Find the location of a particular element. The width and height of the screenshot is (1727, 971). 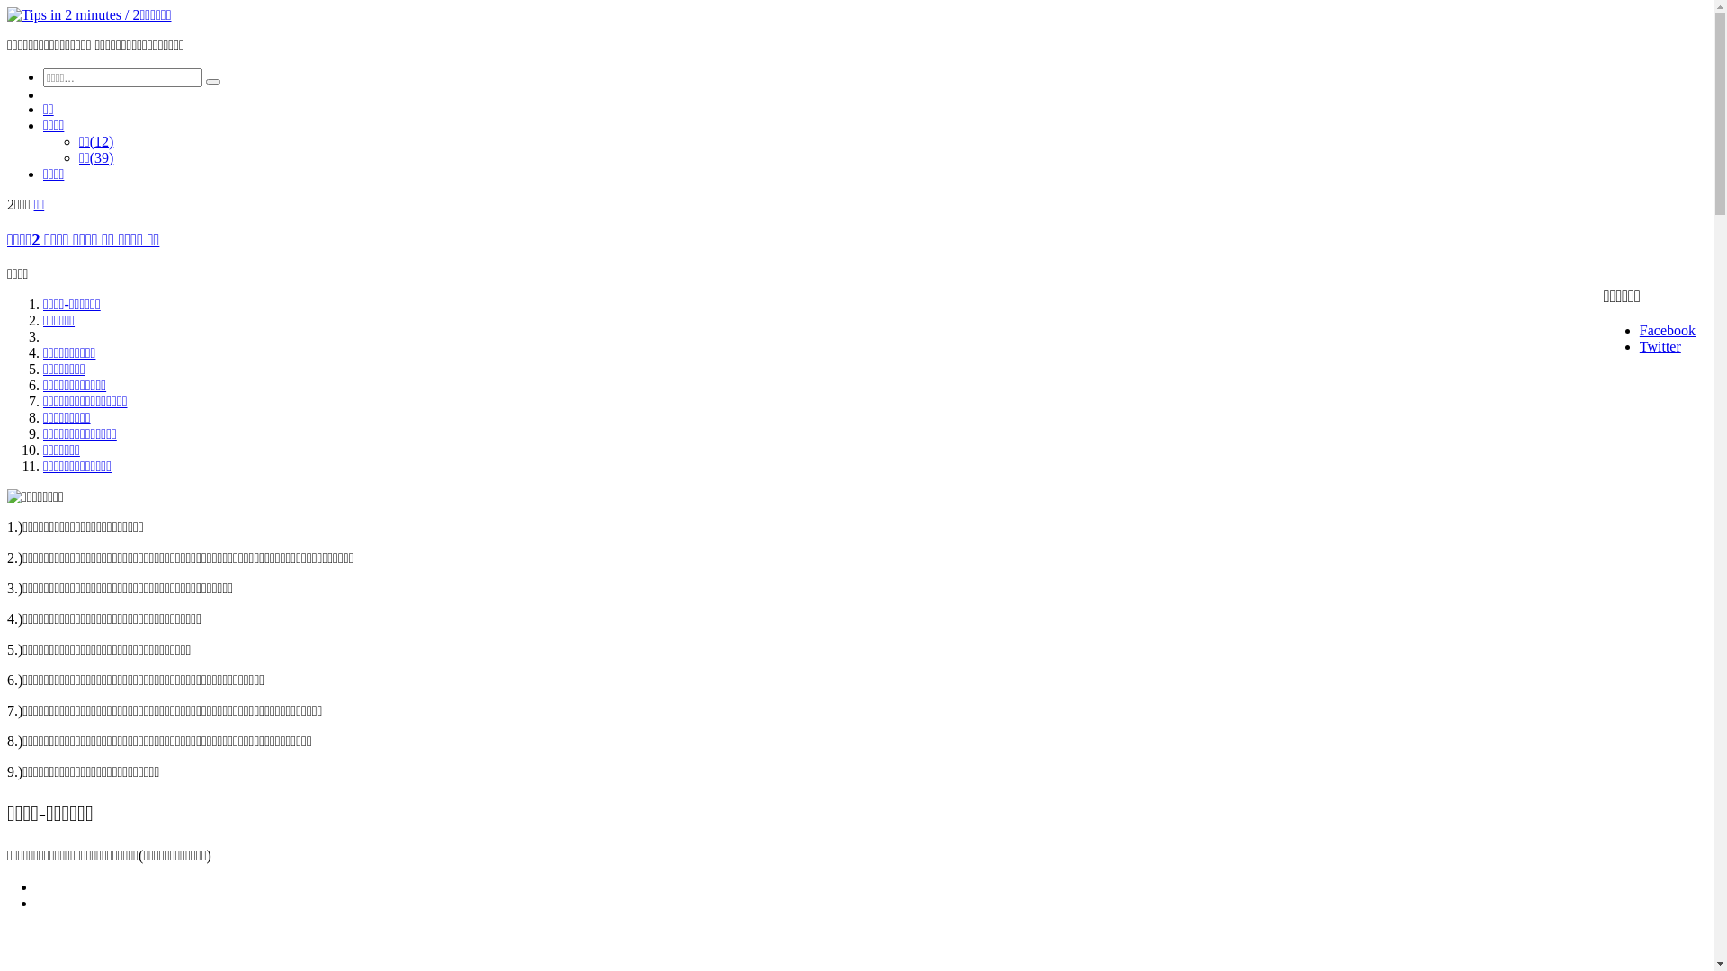

'Facebook' is located at coordinates (1666, 330).